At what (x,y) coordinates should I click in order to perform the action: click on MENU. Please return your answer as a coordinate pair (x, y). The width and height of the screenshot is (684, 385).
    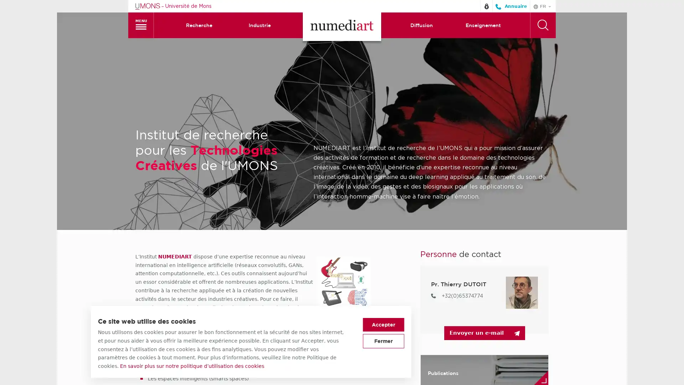
    Looking at the image, I should click on (141, 24).